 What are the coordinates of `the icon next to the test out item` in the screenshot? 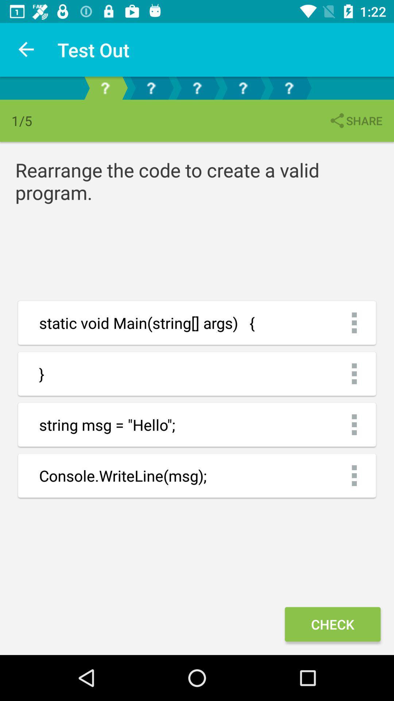 It's located at (26, 49).